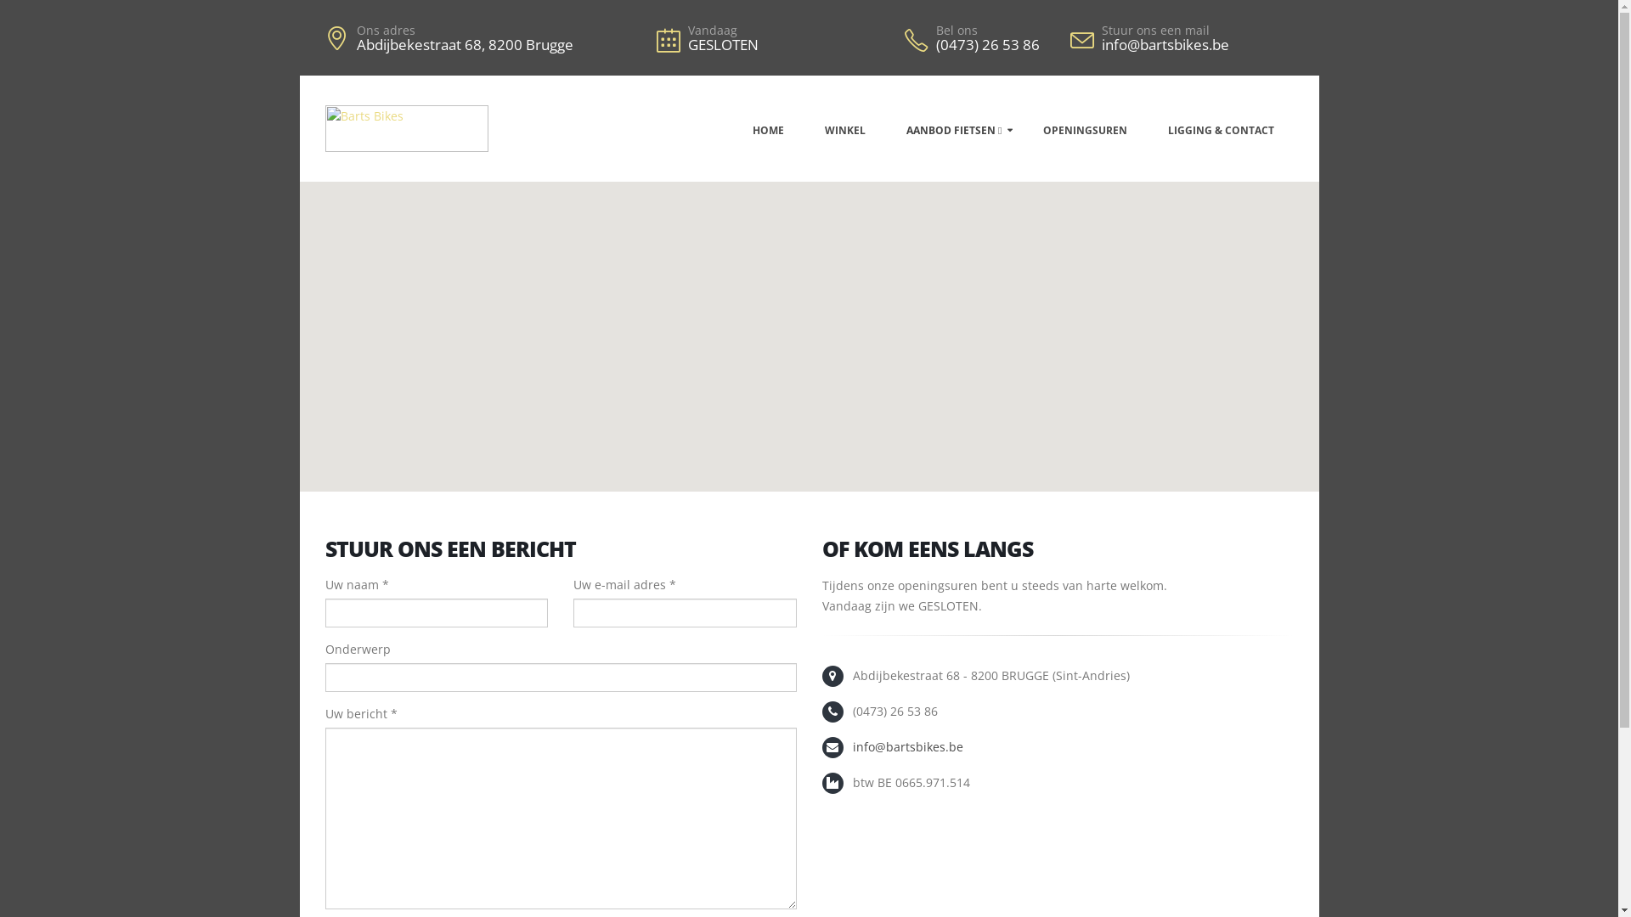 This screenshot has height=917, width=1631. What do you see at coordinates (1181, 44) in the screenshot?
I see `'info@bartsbikes.be'` at bounding box center [1181, 44].